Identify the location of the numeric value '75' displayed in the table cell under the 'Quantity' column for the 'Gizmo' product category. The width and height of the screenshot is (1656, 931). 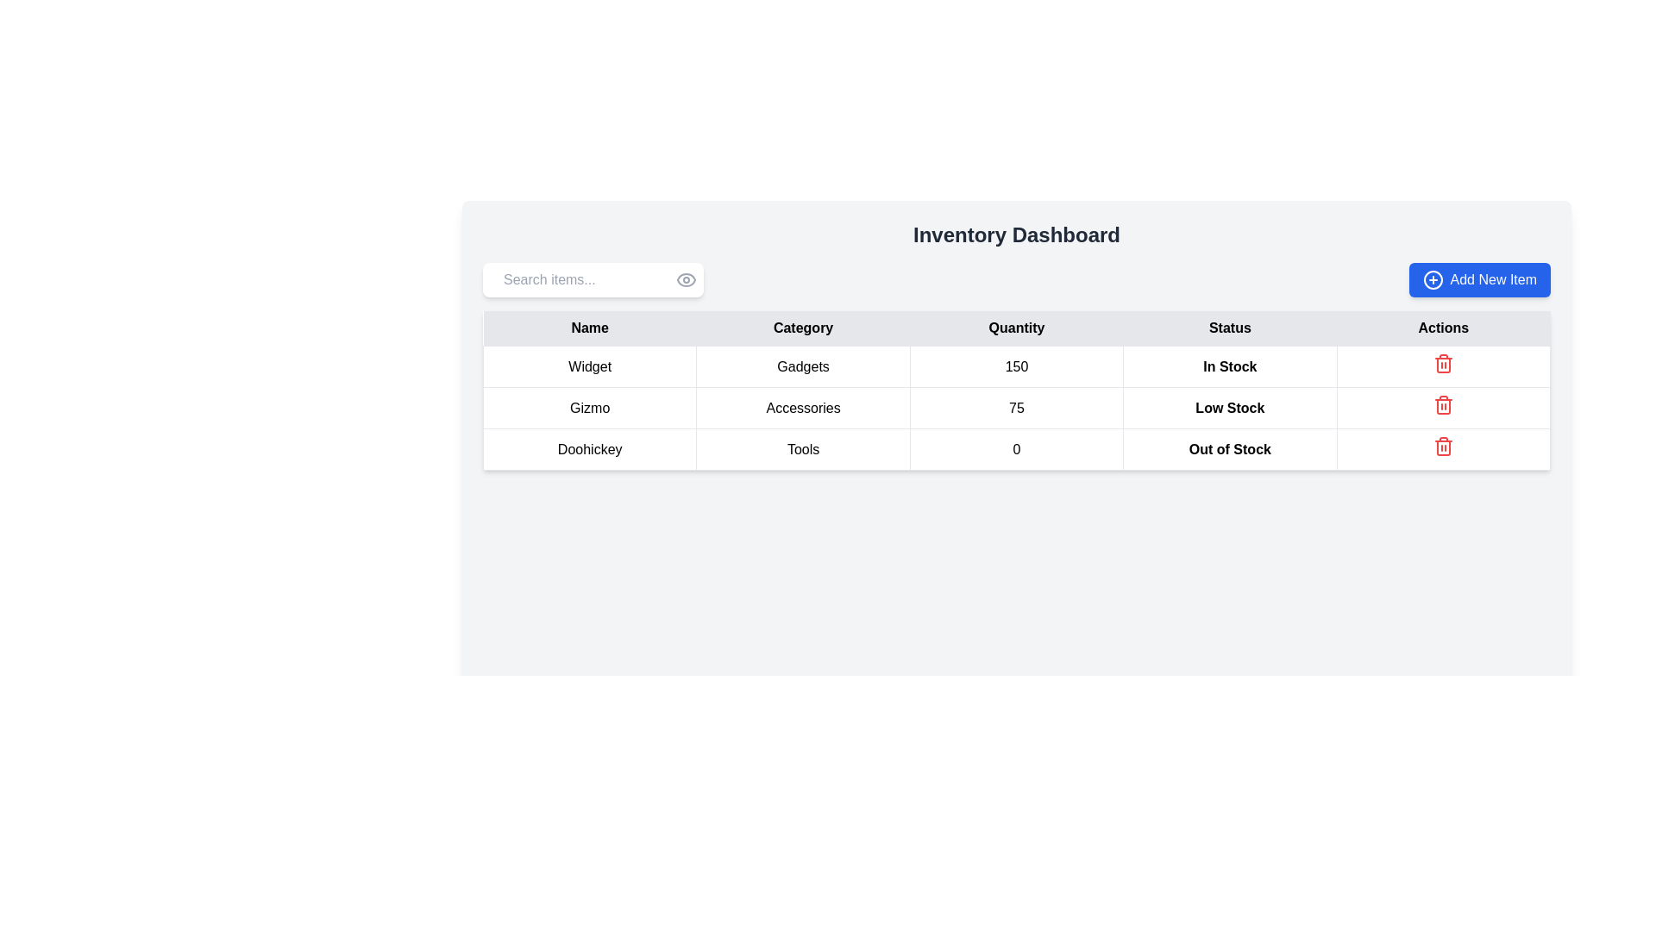
(1017, 408).